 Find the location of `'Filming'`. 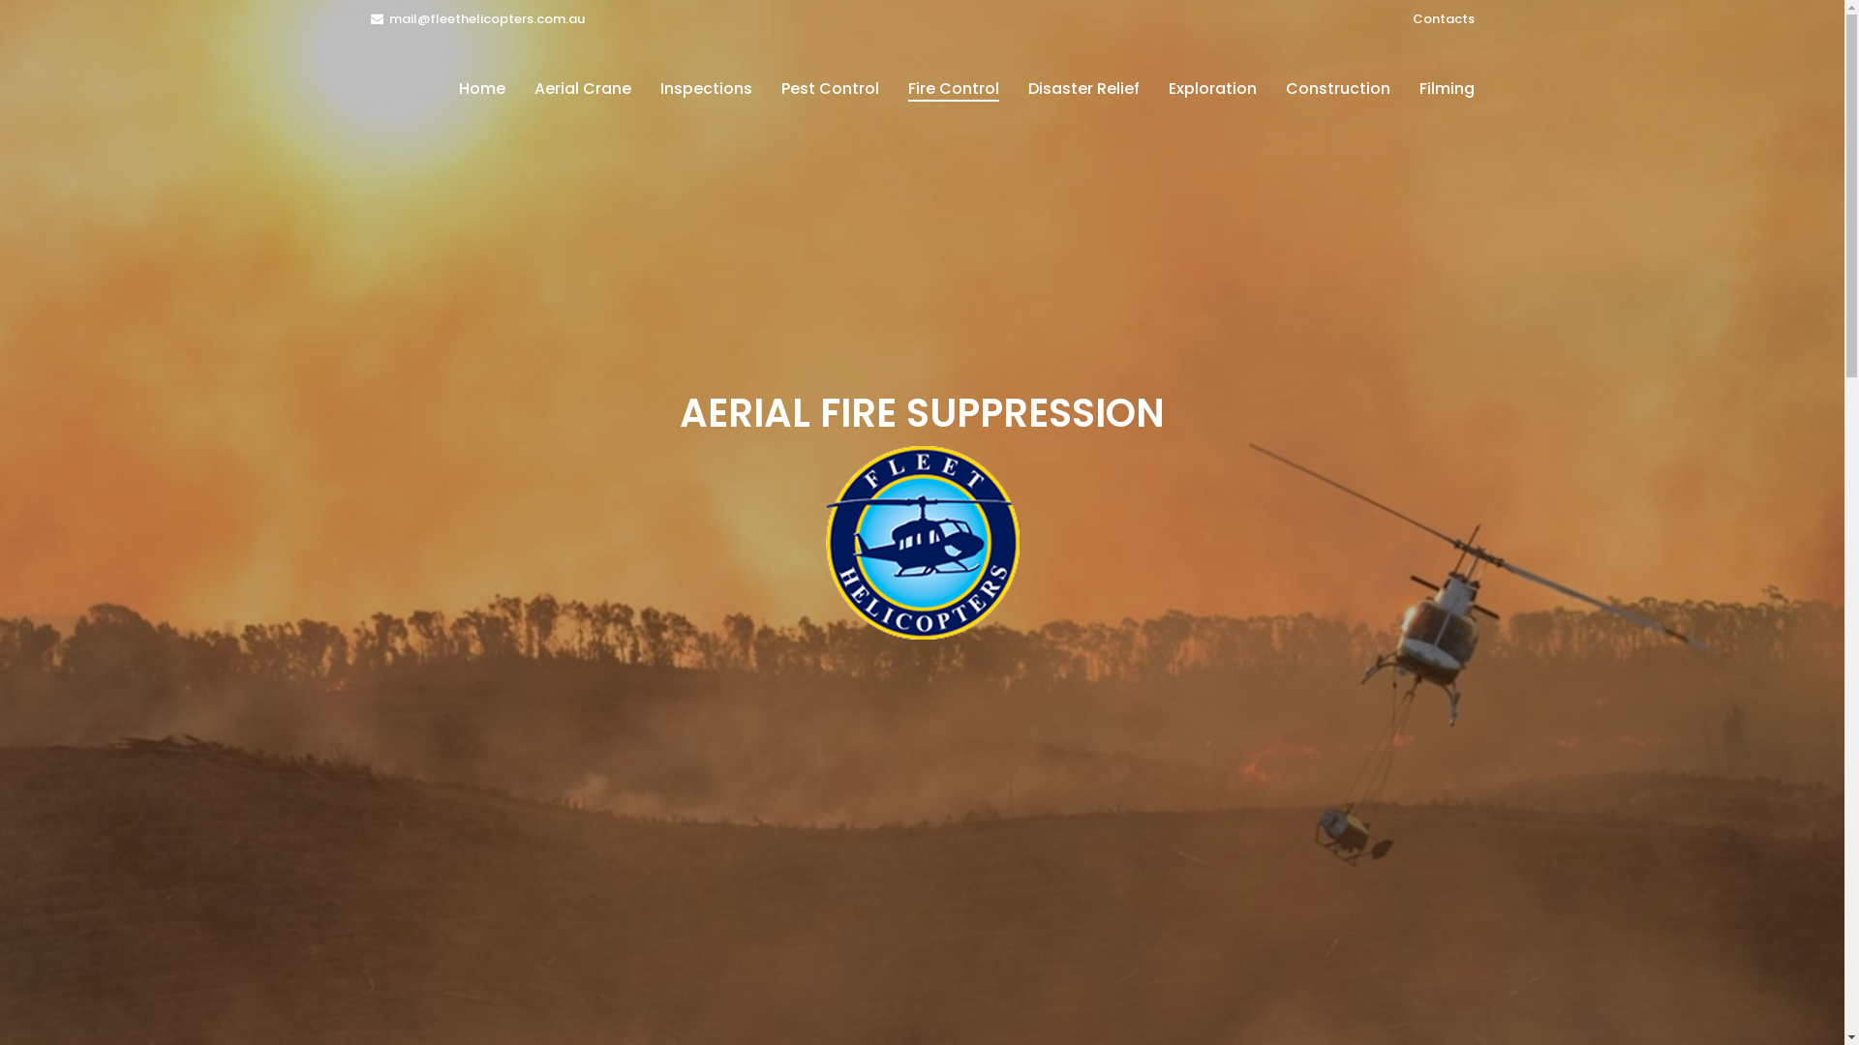

'Filming' is located at coordinates (1446, 89).